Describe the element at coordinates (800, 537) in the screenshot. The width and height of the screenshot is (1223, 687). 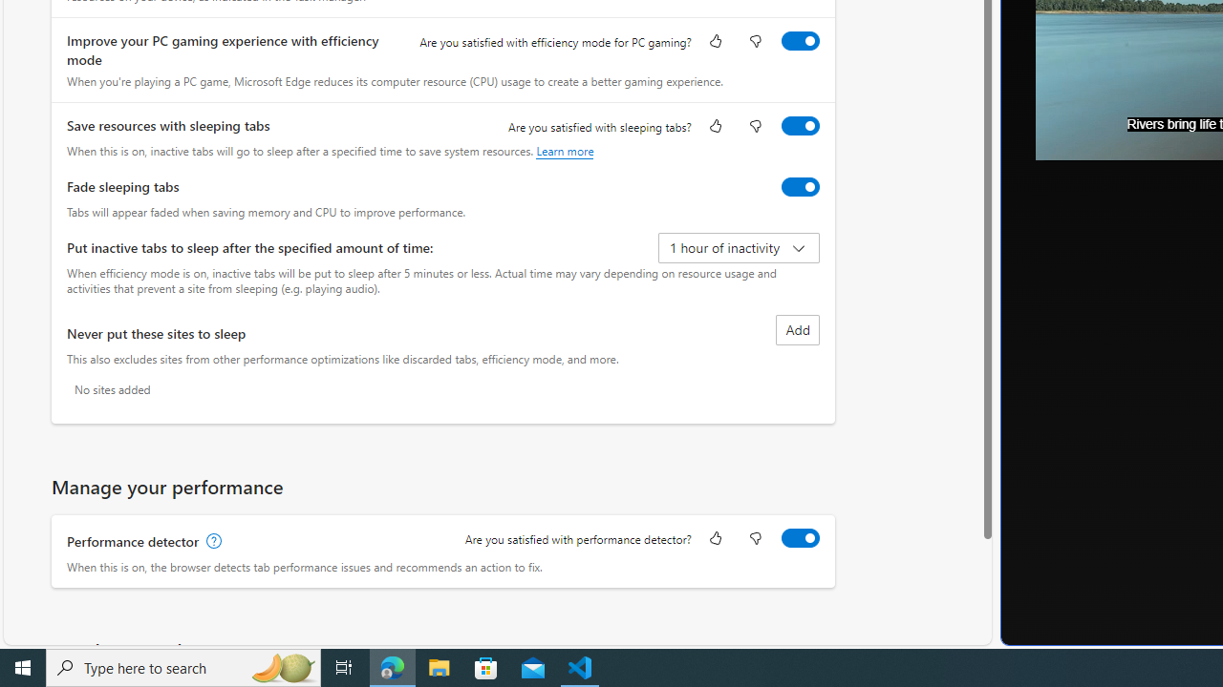
I see `'Performance detector'` at that location.